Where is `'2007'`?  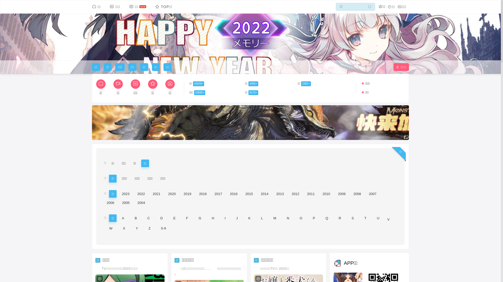
'2007' is located at coordinates (366, 194).